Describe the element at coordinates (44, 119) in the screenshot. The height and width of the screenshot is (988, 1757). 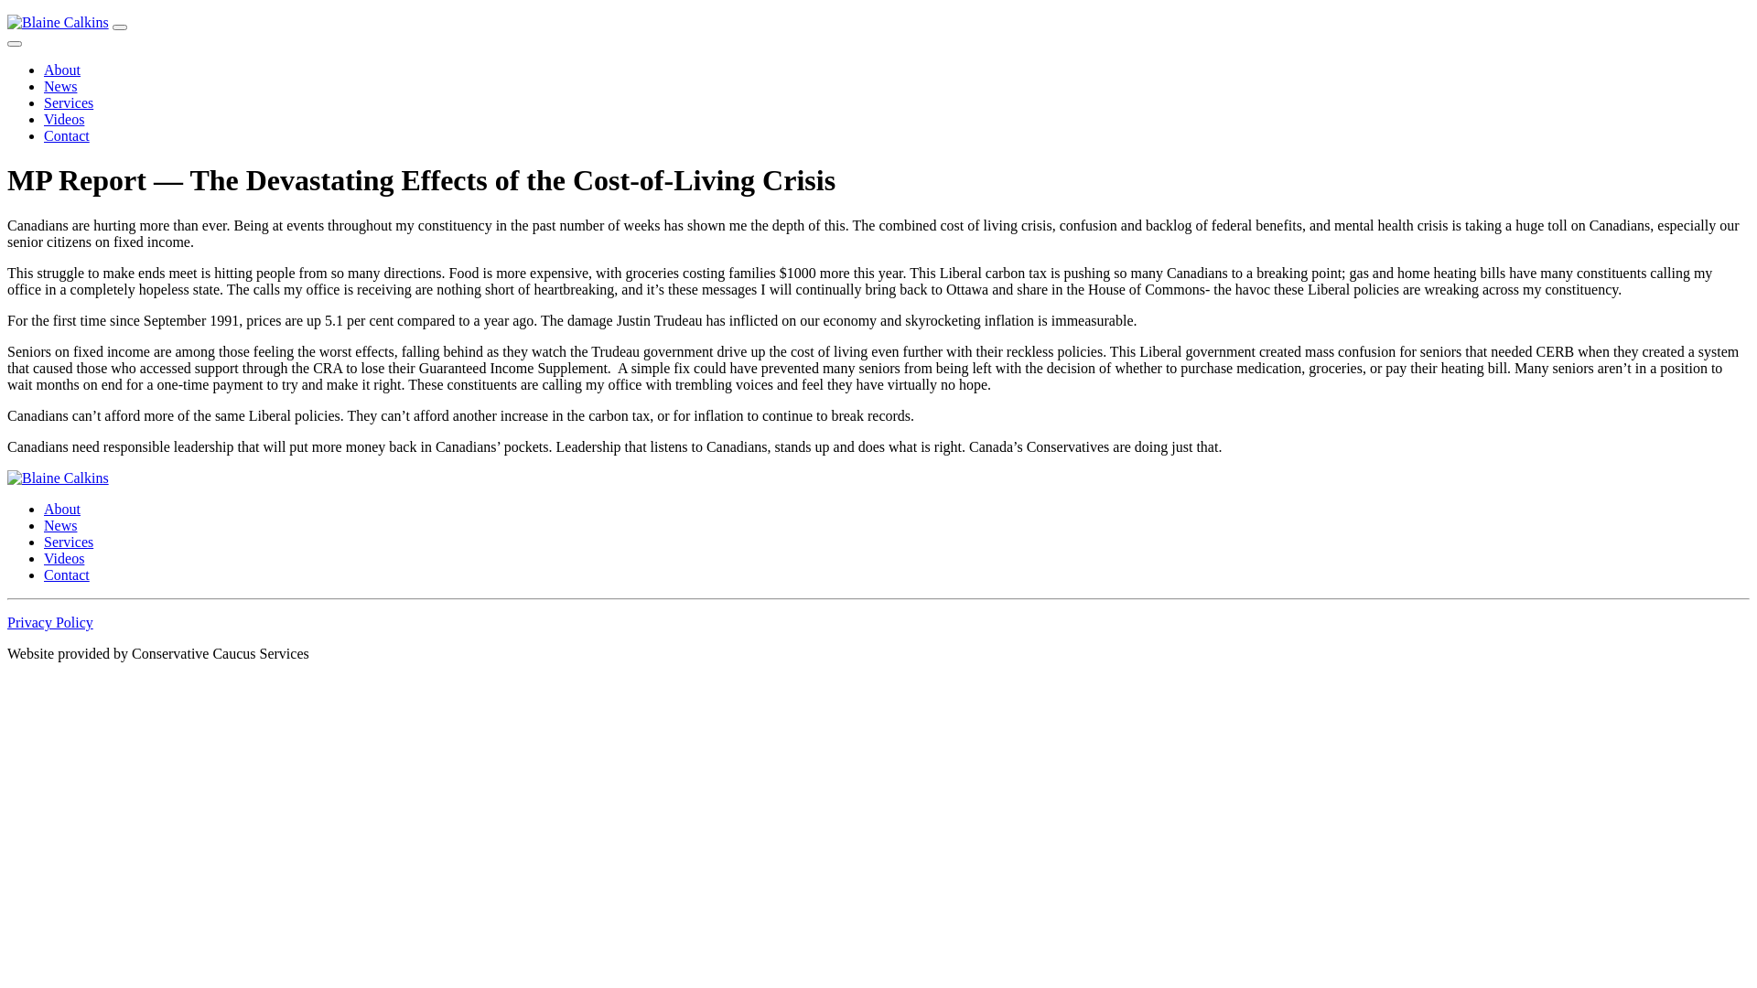
I see `'Videos'` at that location.